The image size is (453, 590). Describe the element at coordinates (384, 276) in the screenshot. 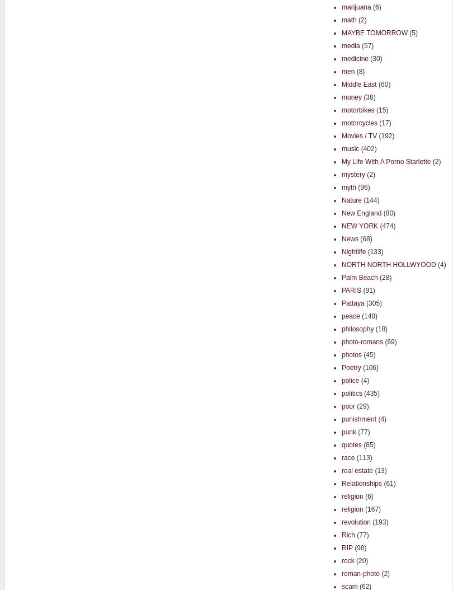

I see `'(28)'` at that location.